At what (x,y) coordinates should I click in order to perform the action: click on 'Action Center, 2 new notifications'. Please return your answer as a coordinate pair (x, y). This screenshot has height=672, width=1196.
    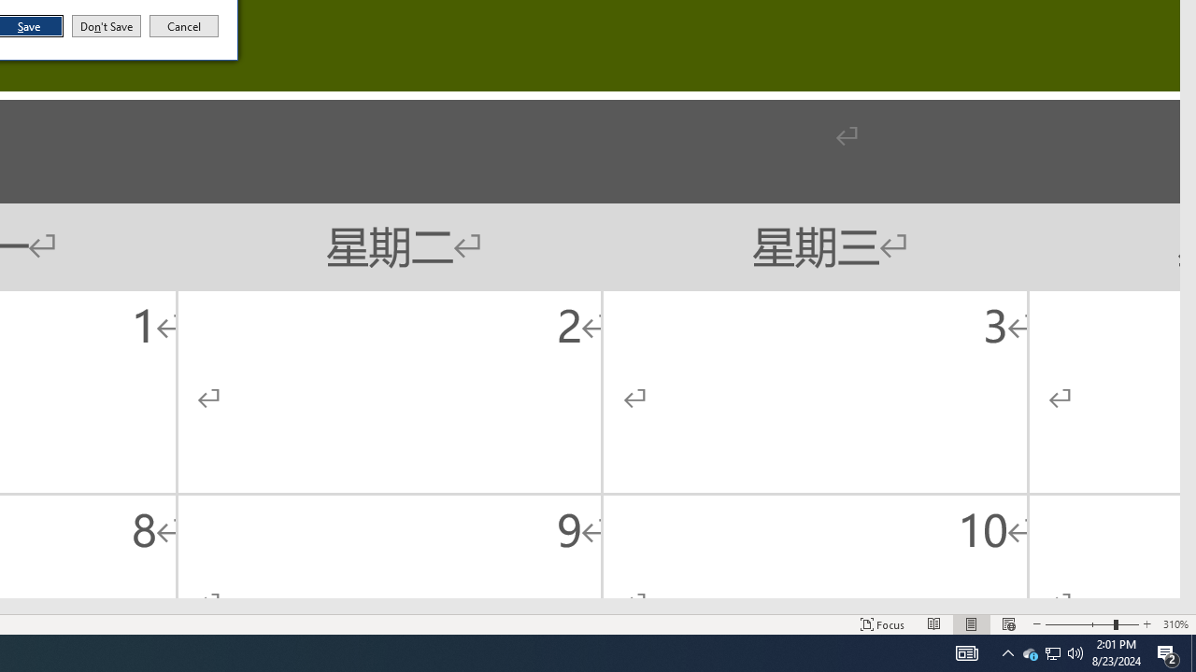
    Looking at the image, I should click on (1168, 651).